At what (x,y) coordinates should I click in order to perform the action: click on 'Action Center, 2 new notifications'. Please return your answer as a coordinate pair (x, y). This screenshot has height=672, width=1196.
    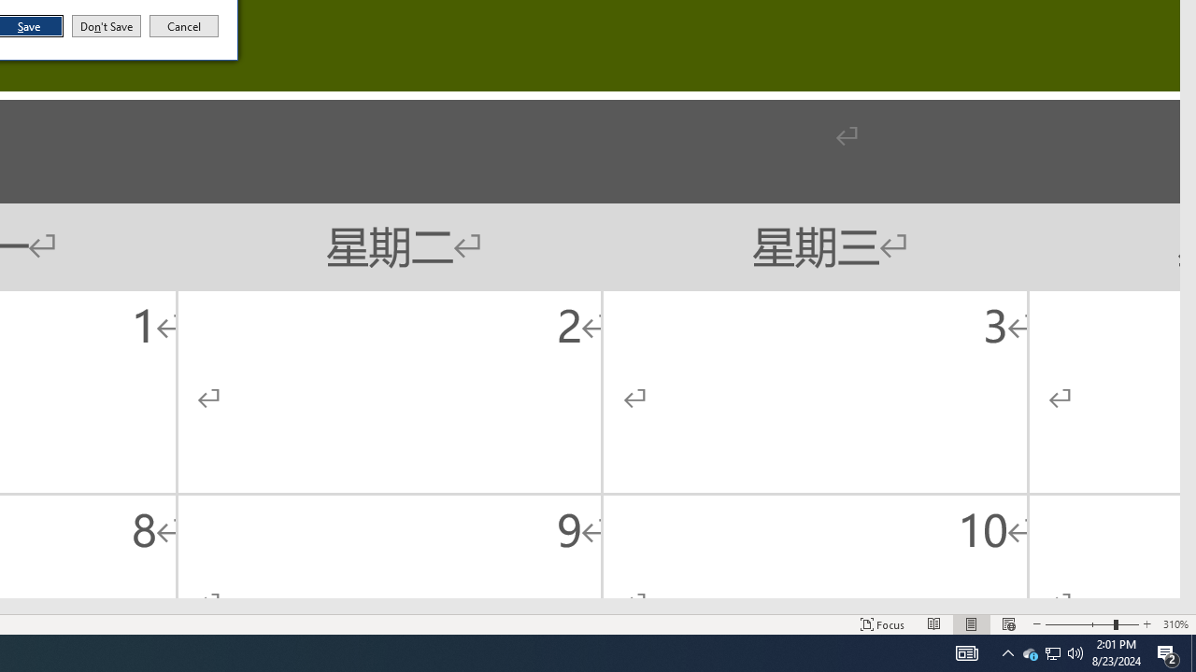
    Looking at the image, I should click on (1168, 651).